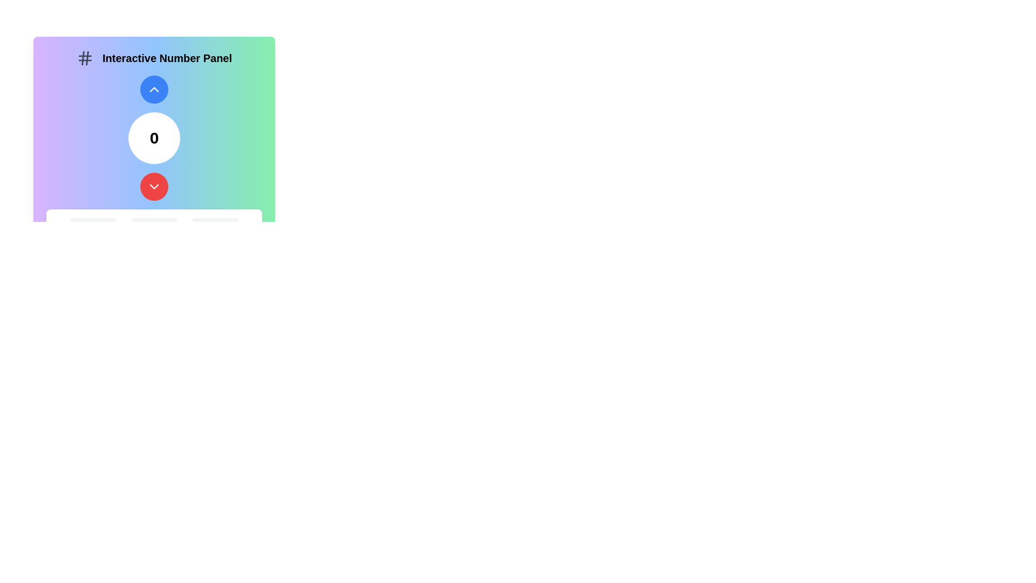 Image resolution: width=1036 pixels, height=583 pixels. Describe the element at coordinates (93, 227) in the screenshot. I see `the first button in a group of three horizontally arranged buttons near the bottom of the interface` at that location.